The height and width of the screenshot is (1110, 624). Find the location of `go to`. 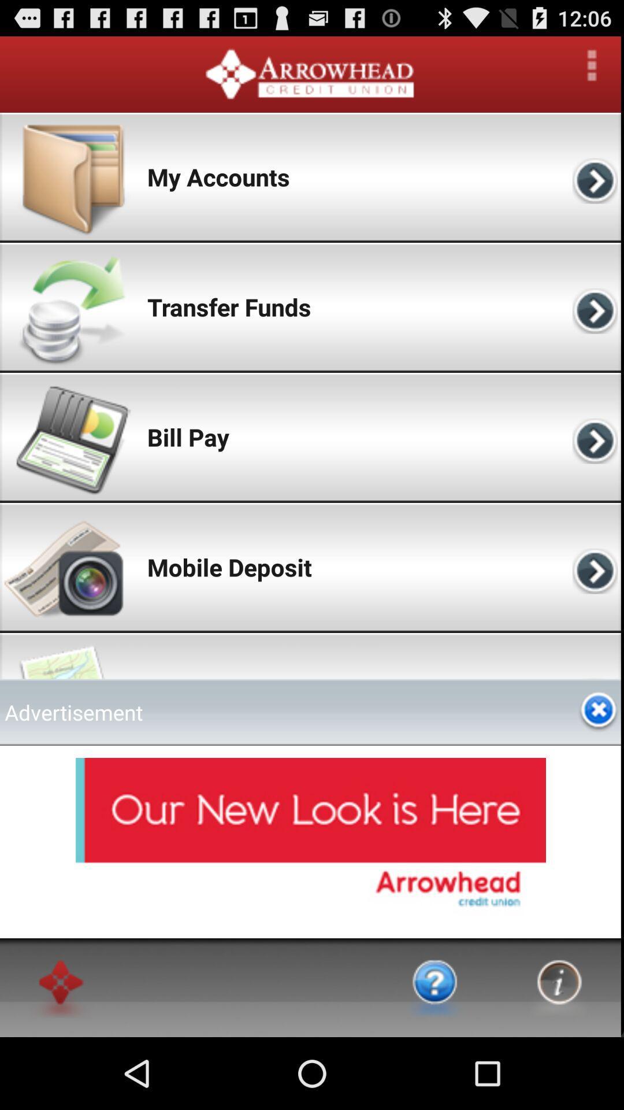

go to is located at coordinates (435, 987).